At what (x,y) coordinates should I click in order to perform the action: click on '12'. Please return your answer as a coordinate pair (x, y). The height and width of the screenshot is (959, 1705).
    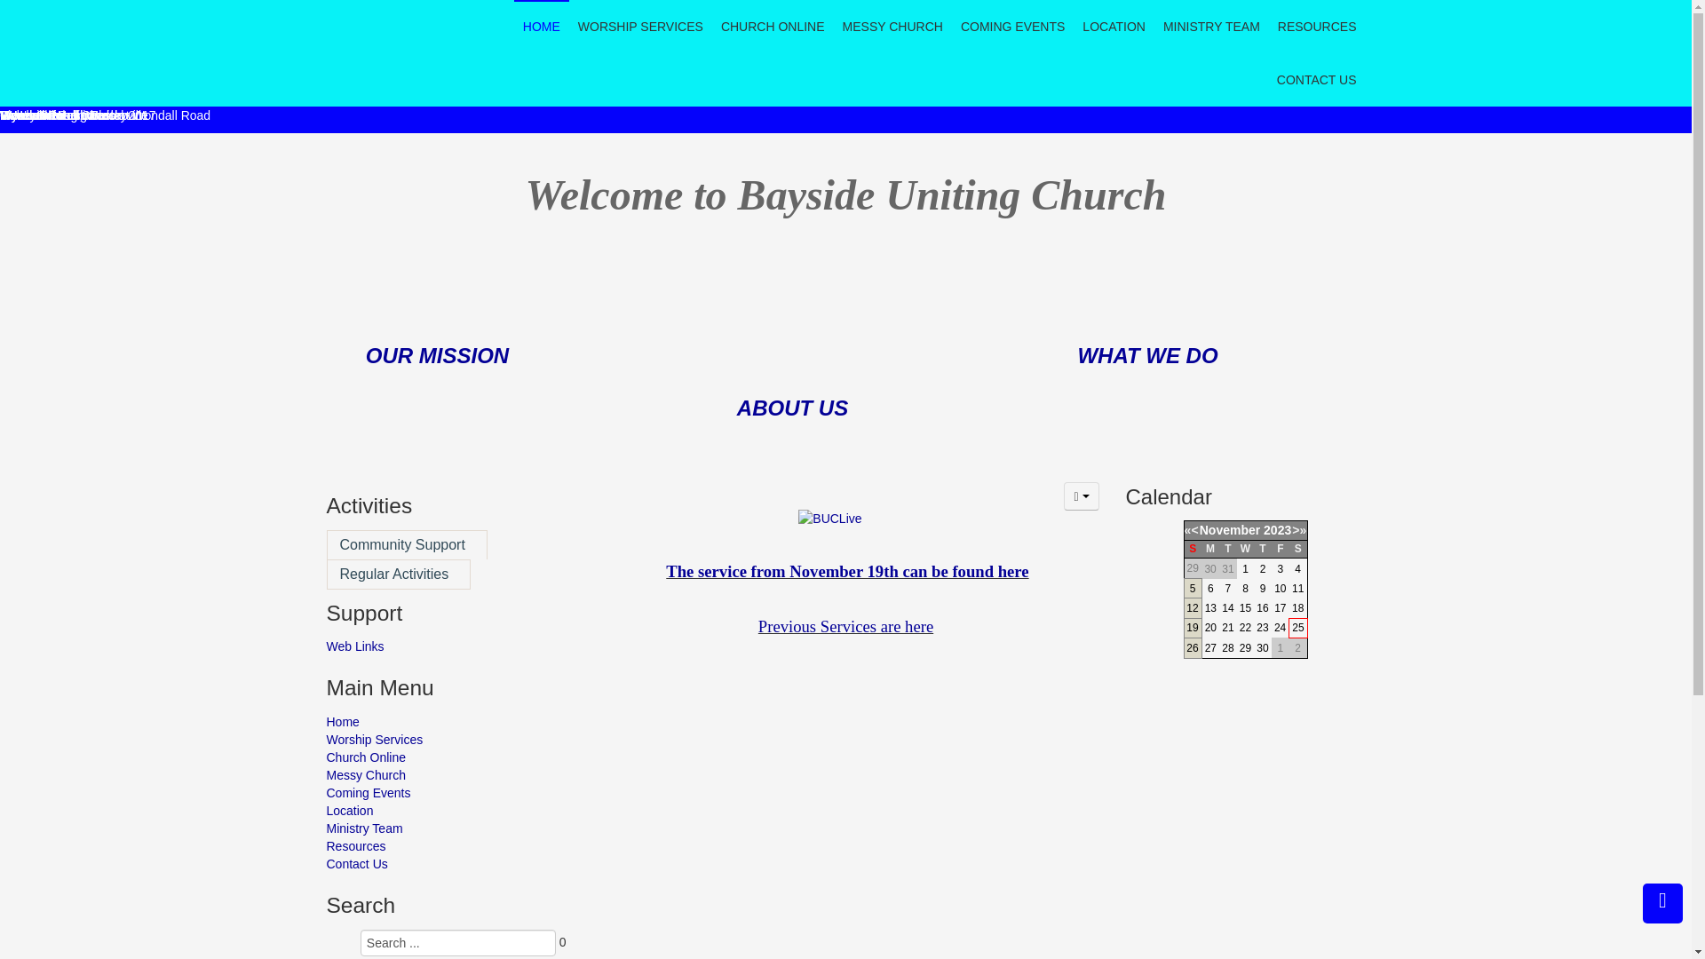
    Looking at the image, I should click on (1192, 607).